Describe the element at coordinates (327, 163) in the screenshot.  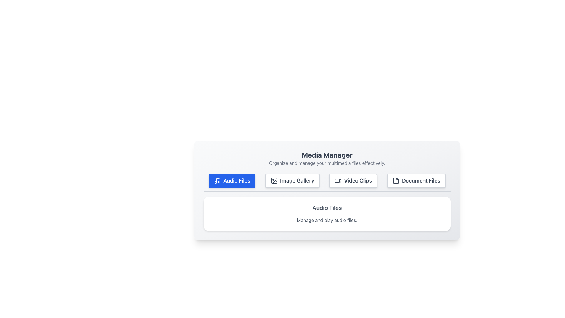
I see `the text label that provides a brief description or tagline for the 'Media Manager' section, located directly beneath the 'Media Manager' text block` at that location.